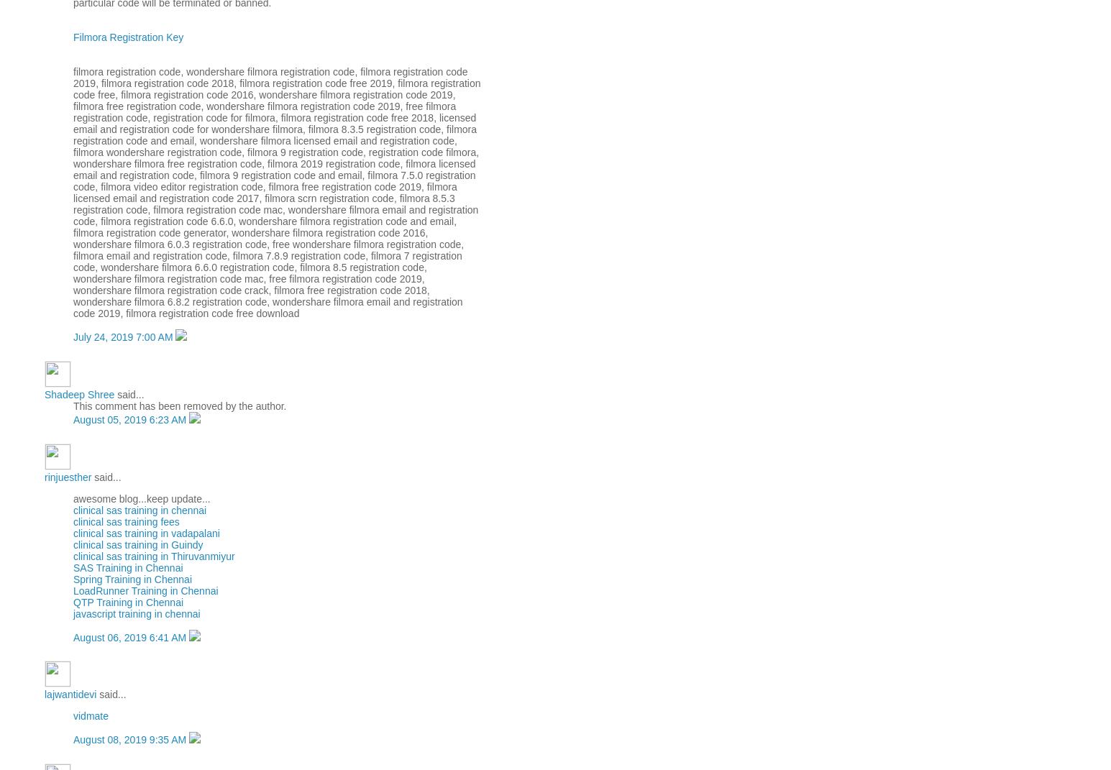 This screenshot has width=1111, height=770. I want to click on 'August 08, 2019 9:35 AM', so click(131, 740).